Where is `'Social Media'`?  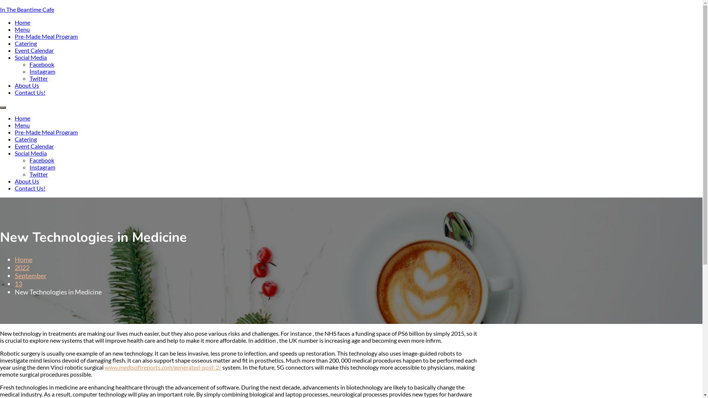
'Social Media' is located at coordinates (30, 57).